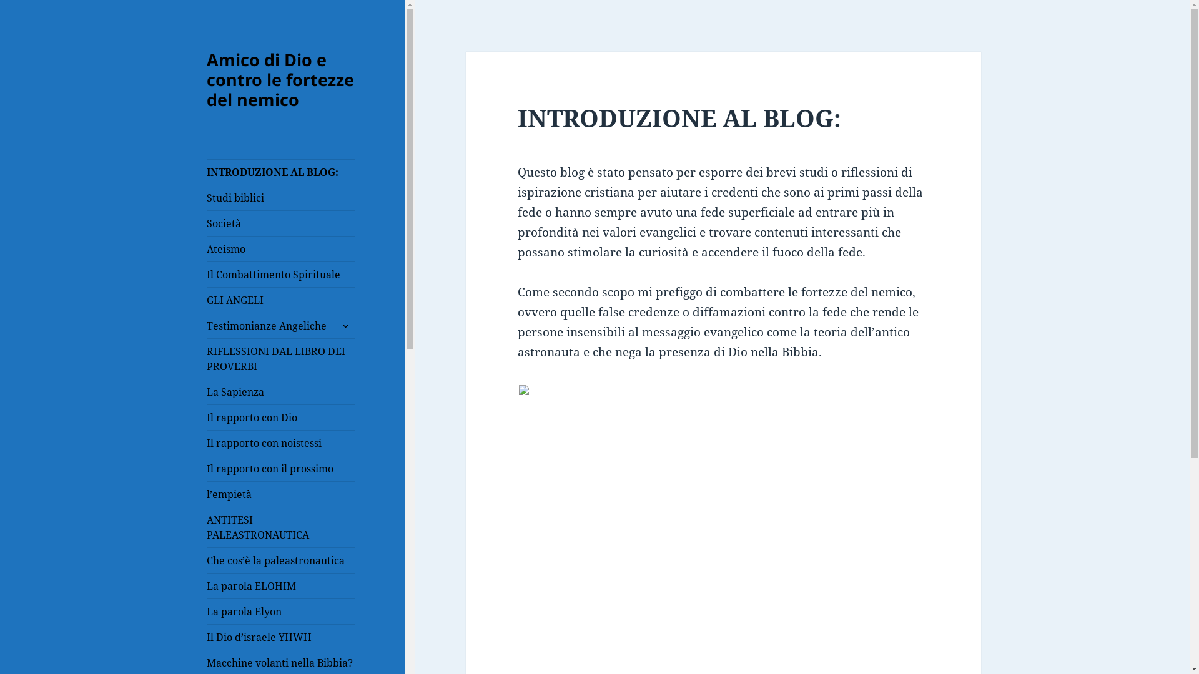  Describe the element at coordinates (280, 585) in the screenshot. I see `'La parola ELOHIM'` at that location.